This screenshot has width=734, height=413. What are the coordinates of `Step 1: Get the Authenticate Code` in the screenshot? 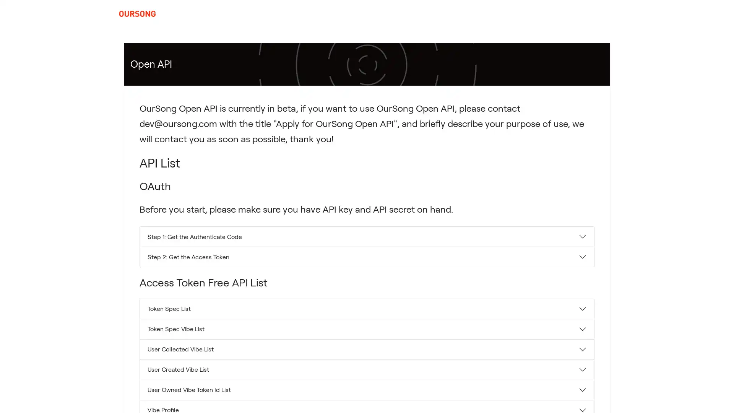 It's located at (367, 236).